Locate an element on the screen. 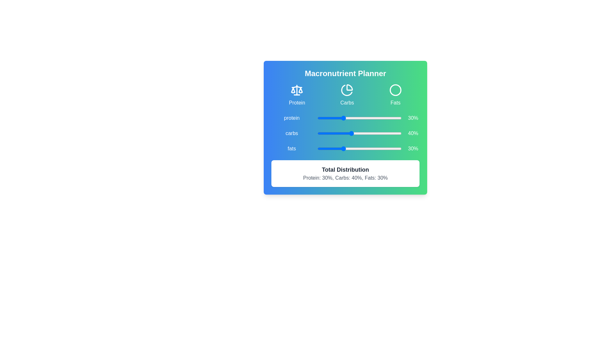 The image size is (613, 344). the protein percentage is located at coordinates (328, 118).